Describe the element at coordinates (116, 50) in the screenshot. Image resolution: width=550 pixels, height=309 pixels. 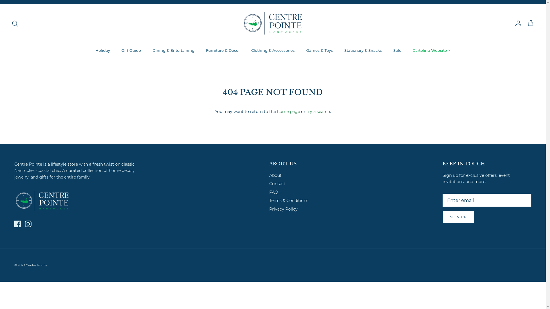
I see `'Gift Guide'` at that location.